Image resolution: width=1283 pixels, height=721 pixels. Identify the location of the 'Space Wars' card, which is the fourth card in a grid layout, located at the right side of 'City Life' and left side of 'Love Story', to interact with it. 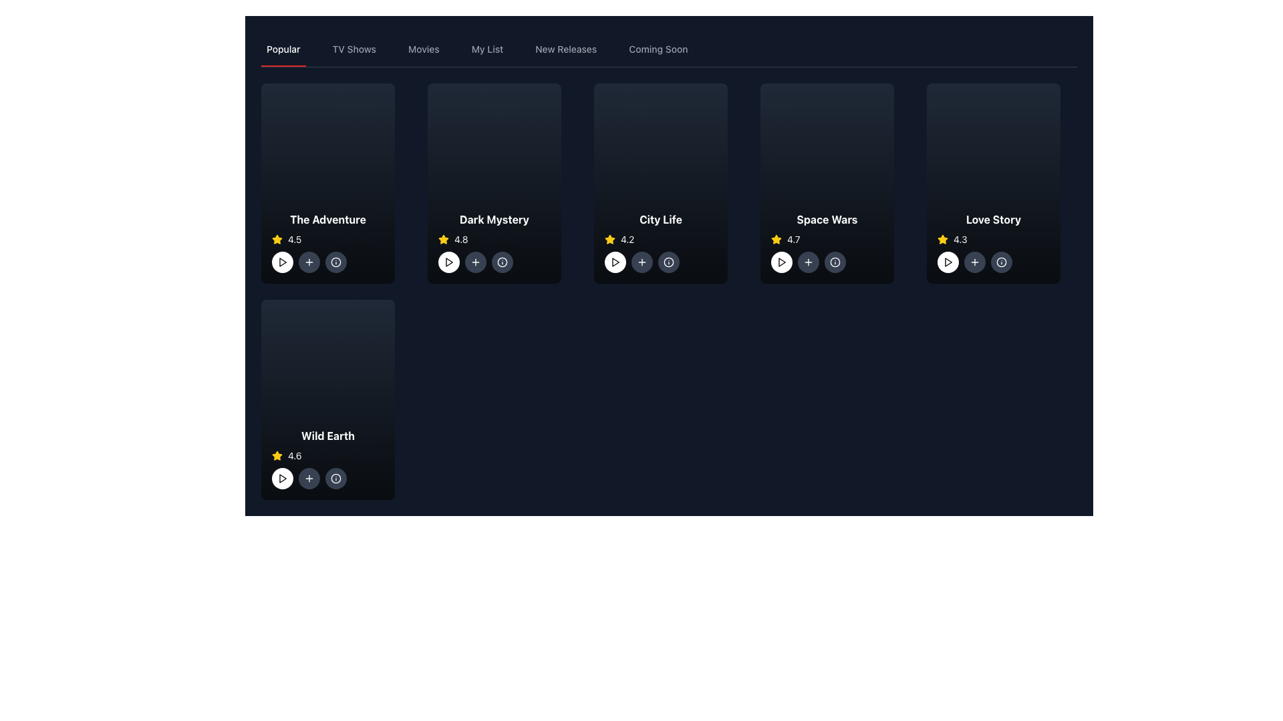
(827, 183).